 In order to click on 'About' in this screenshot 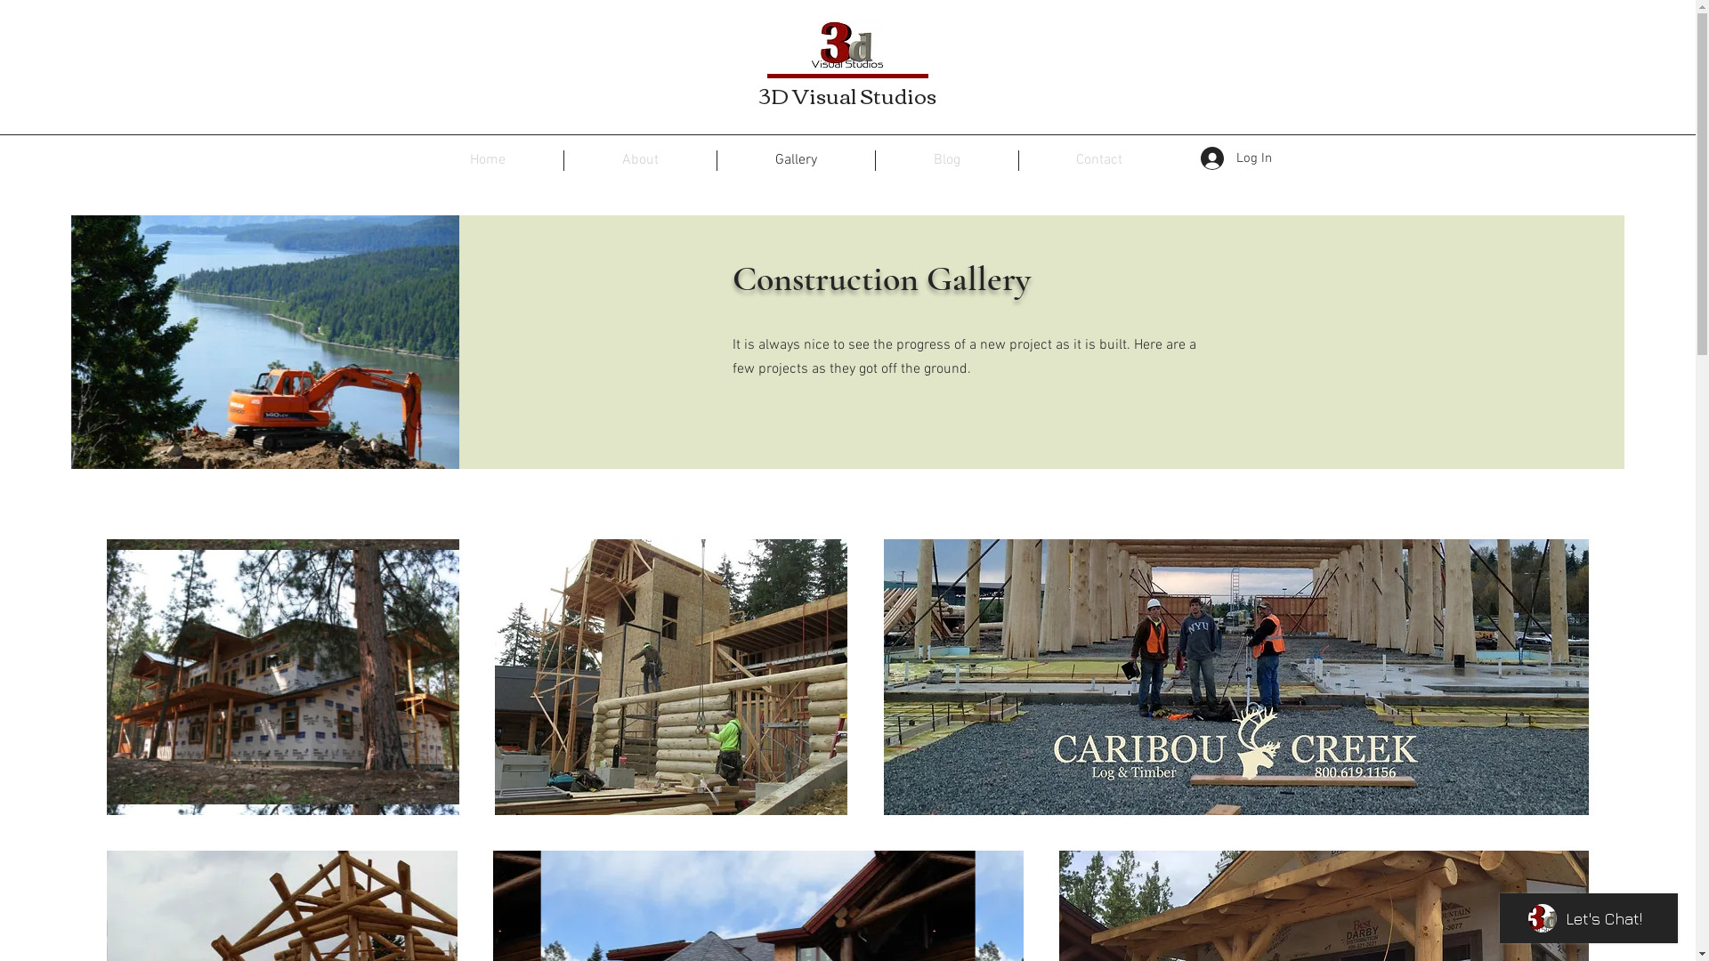, I will do `click(640, 160)`.